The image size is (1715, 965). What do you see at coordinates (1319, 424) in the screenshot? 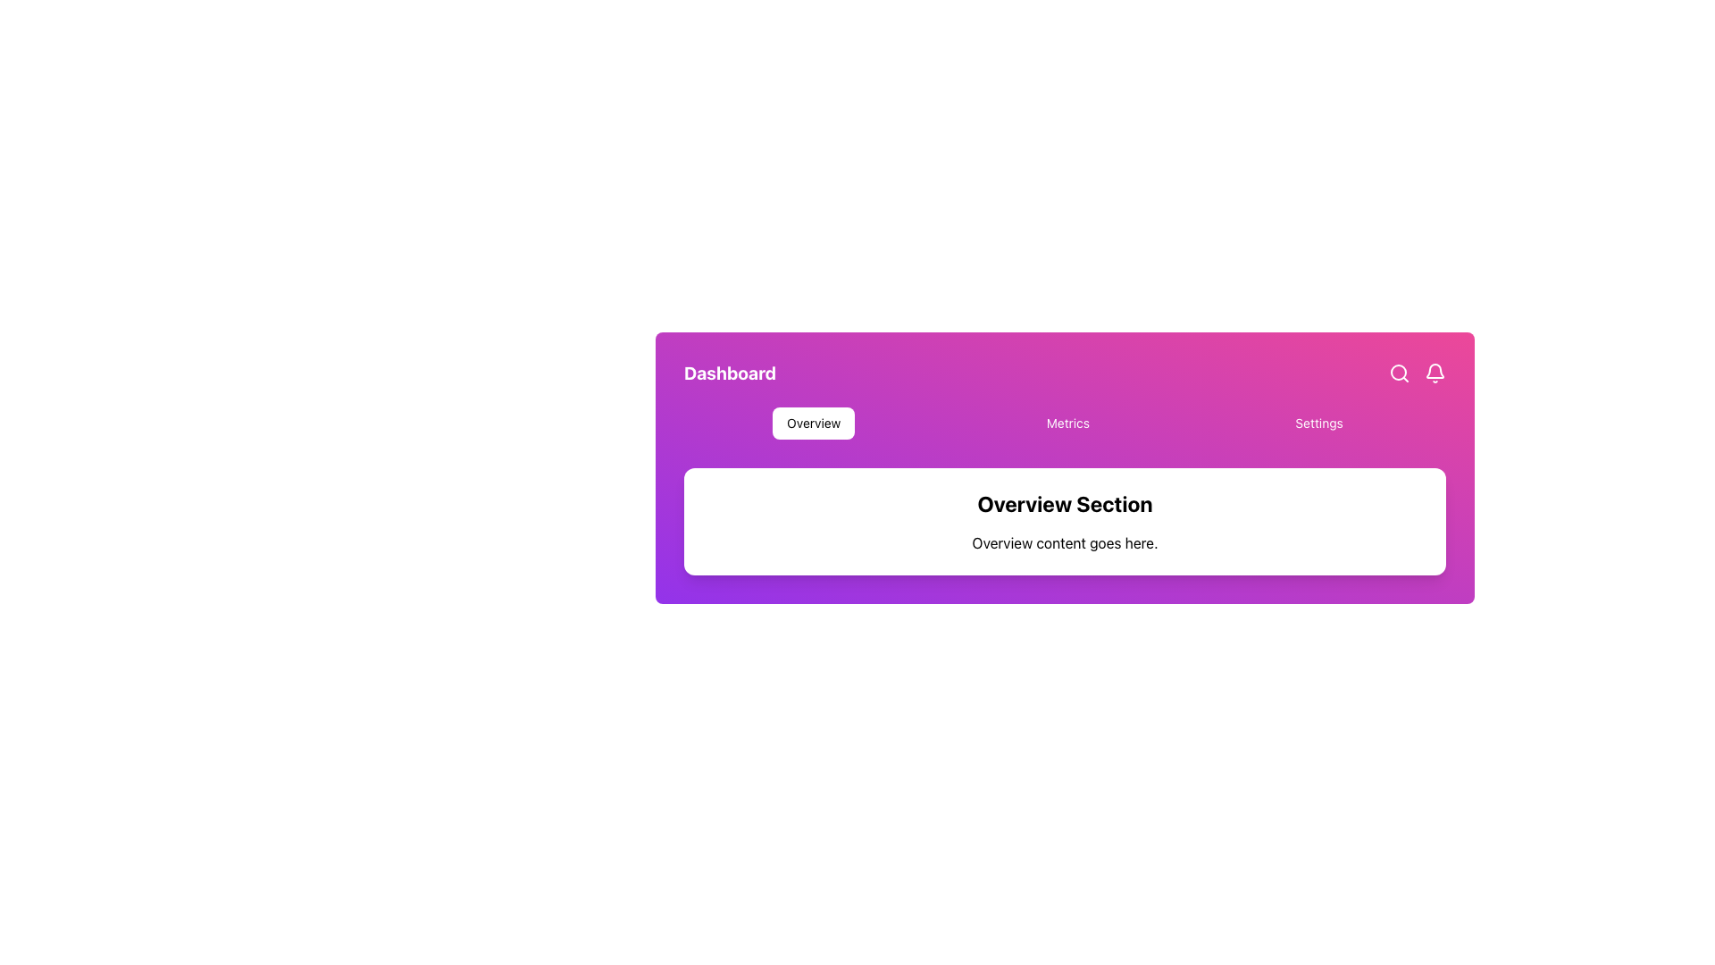
I see `the 'Settings' button in the horizontal menu bar to change its appearance` at bounding box center [1319, 424].